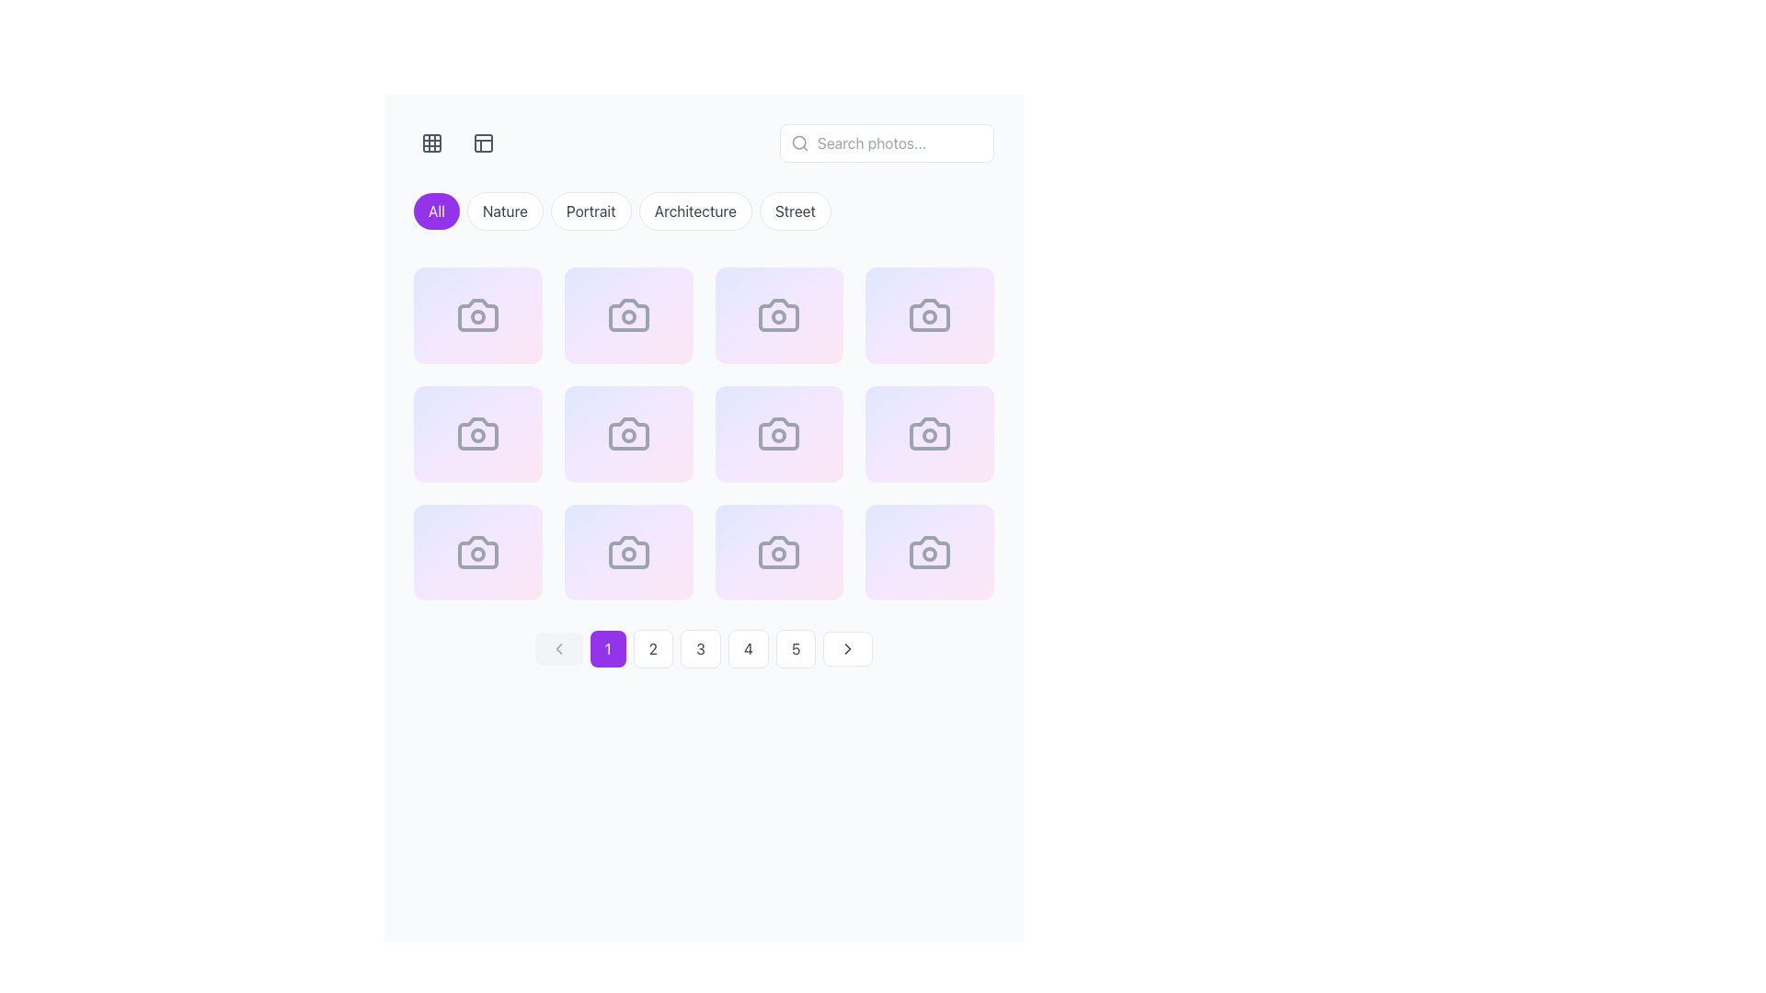 This screenshot has width=1766, height=993. What do you see at coordinates (930, 552) in the screenshot?
I see `the camera icon, which is a gray icon with a circular lens, located in the bottom-right corner of a 3x3 grid layout` at bounding box center [930, 552].